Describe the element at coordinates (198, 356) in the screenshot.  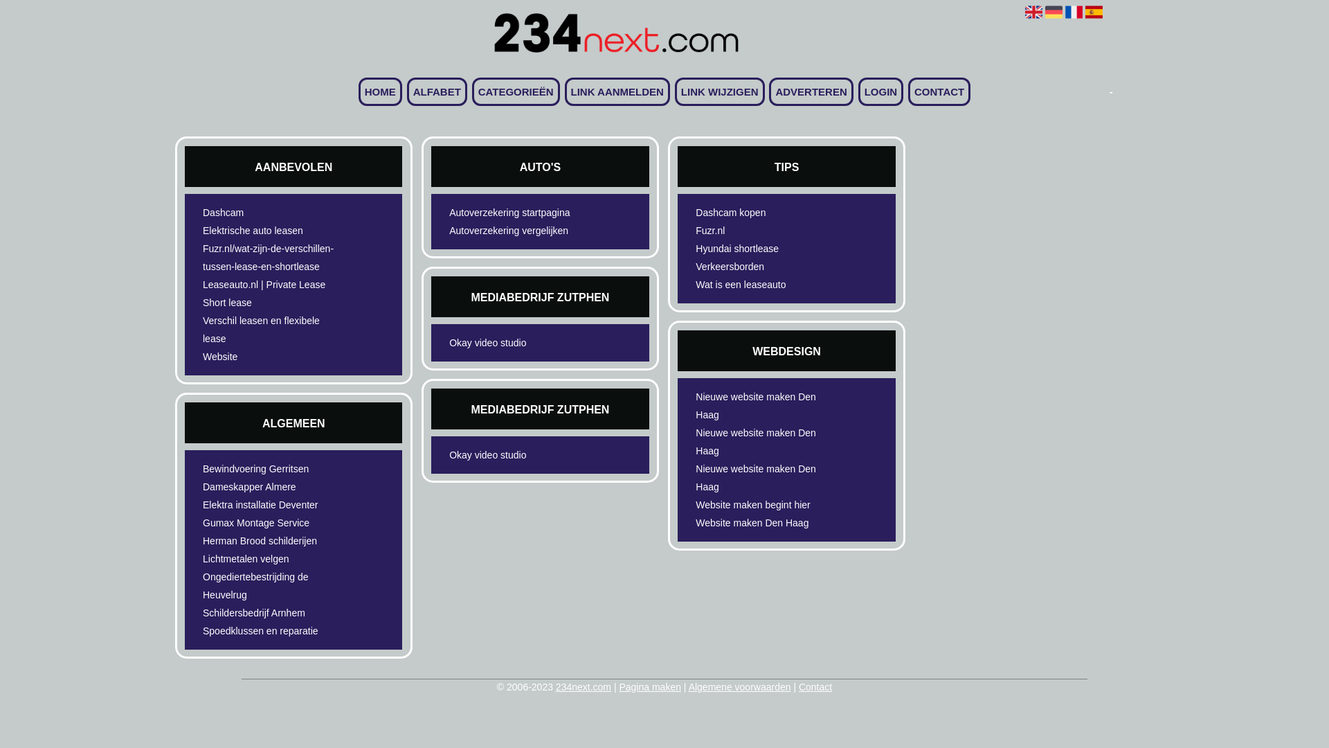
I see `'Website'` at that location.